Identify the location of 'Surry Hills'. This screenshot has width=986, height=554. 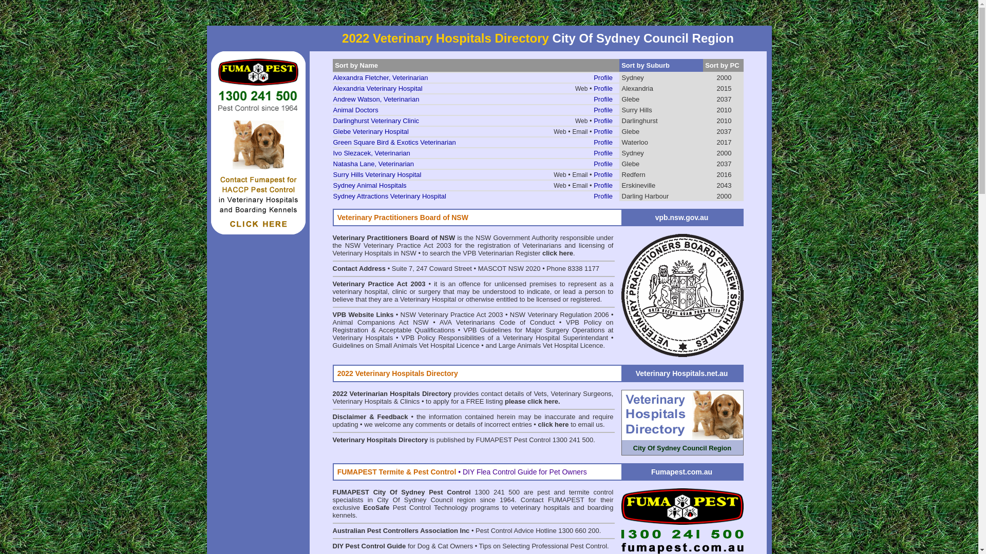
(620, 110).